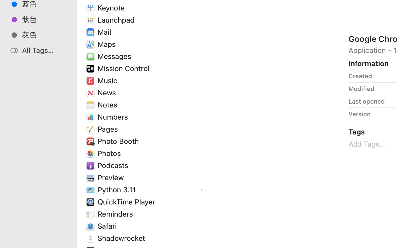  What do you see at coordinates (117, 20) in the screenshot?
I see `'Launchpad'` at bounding box center [117, 20].